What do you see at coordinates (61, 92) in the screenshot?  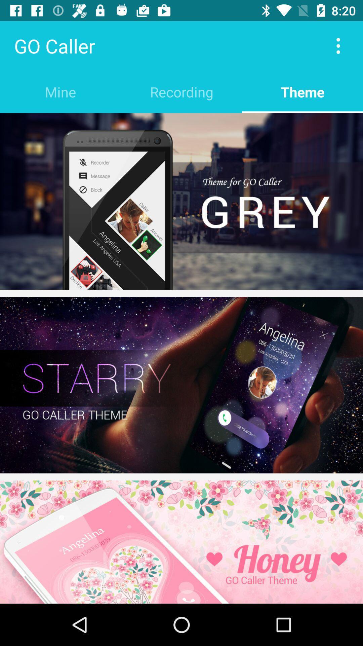 I see `the item to the left of recording item` at bounding box center [61, 92].